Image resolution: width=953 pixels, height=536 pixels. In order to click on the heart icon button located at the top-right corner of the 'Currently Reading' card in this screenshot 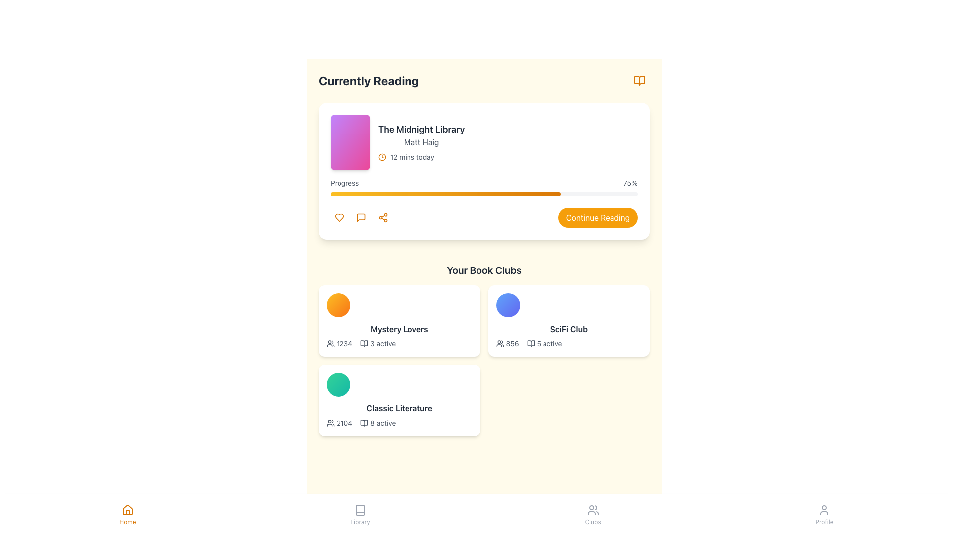, I will do `click(340, 217)`.